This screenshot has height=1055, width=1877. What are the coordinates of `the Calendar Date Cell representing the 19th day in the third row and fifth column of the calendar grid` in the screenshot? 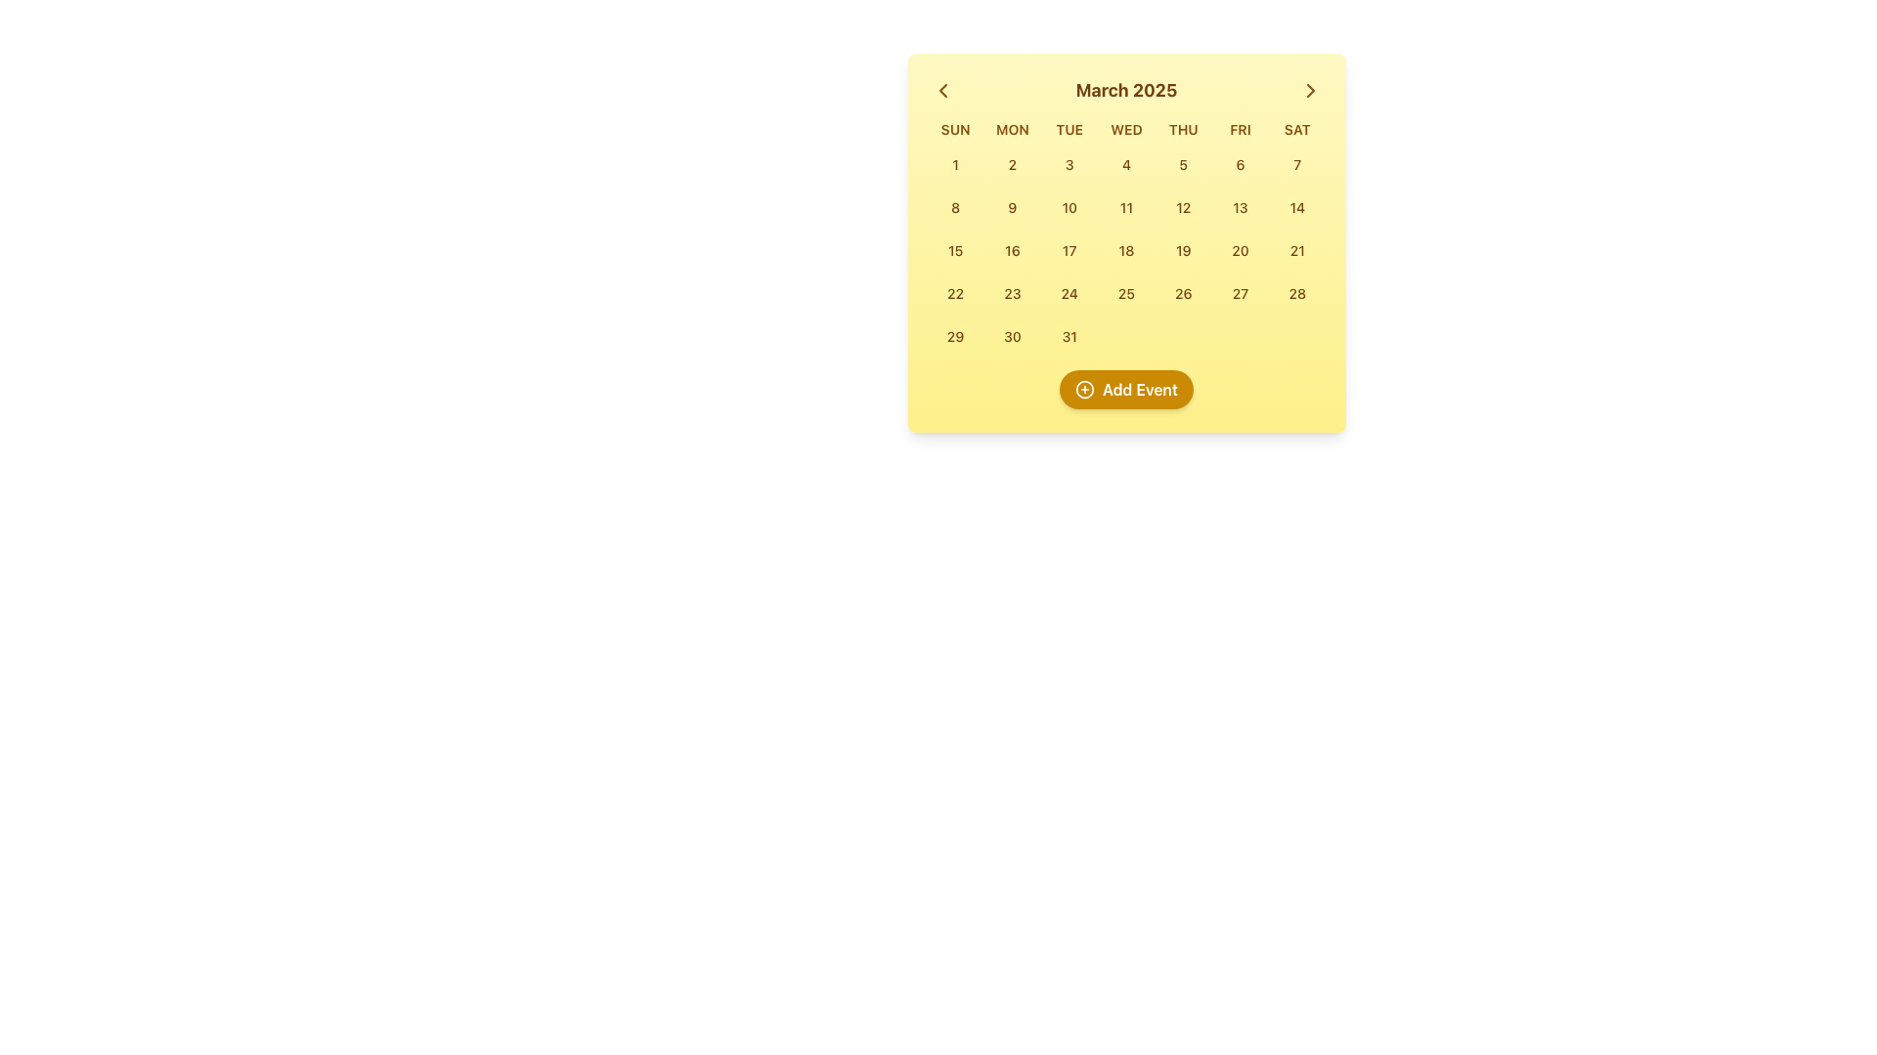 It's located at (1182, 250).